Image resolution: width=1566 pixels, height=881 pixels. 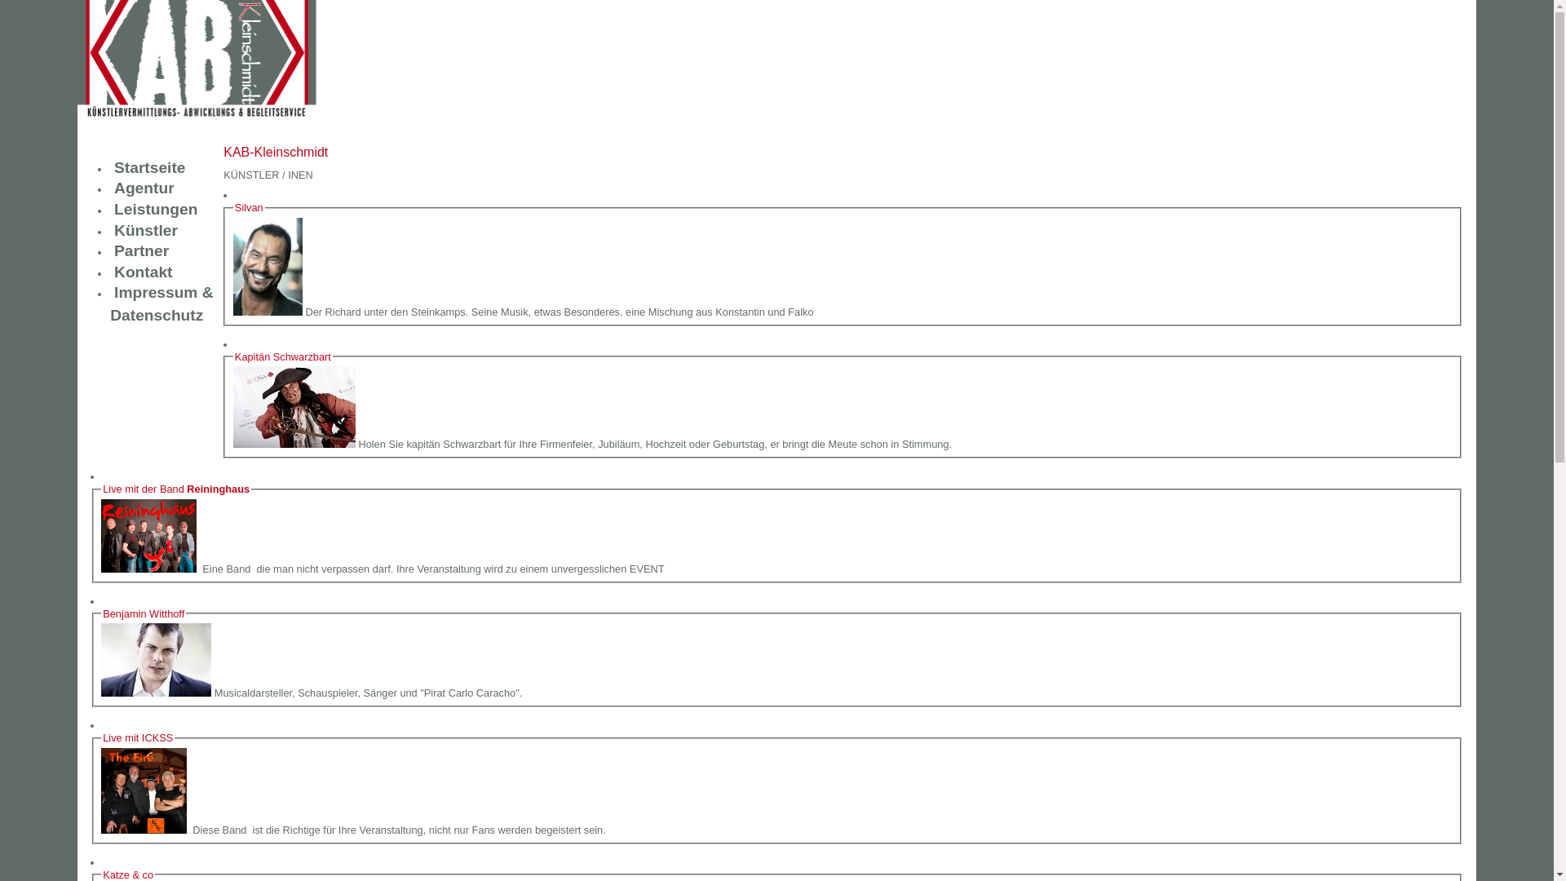 I want to click on 'Partner', so click(x=113, y=250).